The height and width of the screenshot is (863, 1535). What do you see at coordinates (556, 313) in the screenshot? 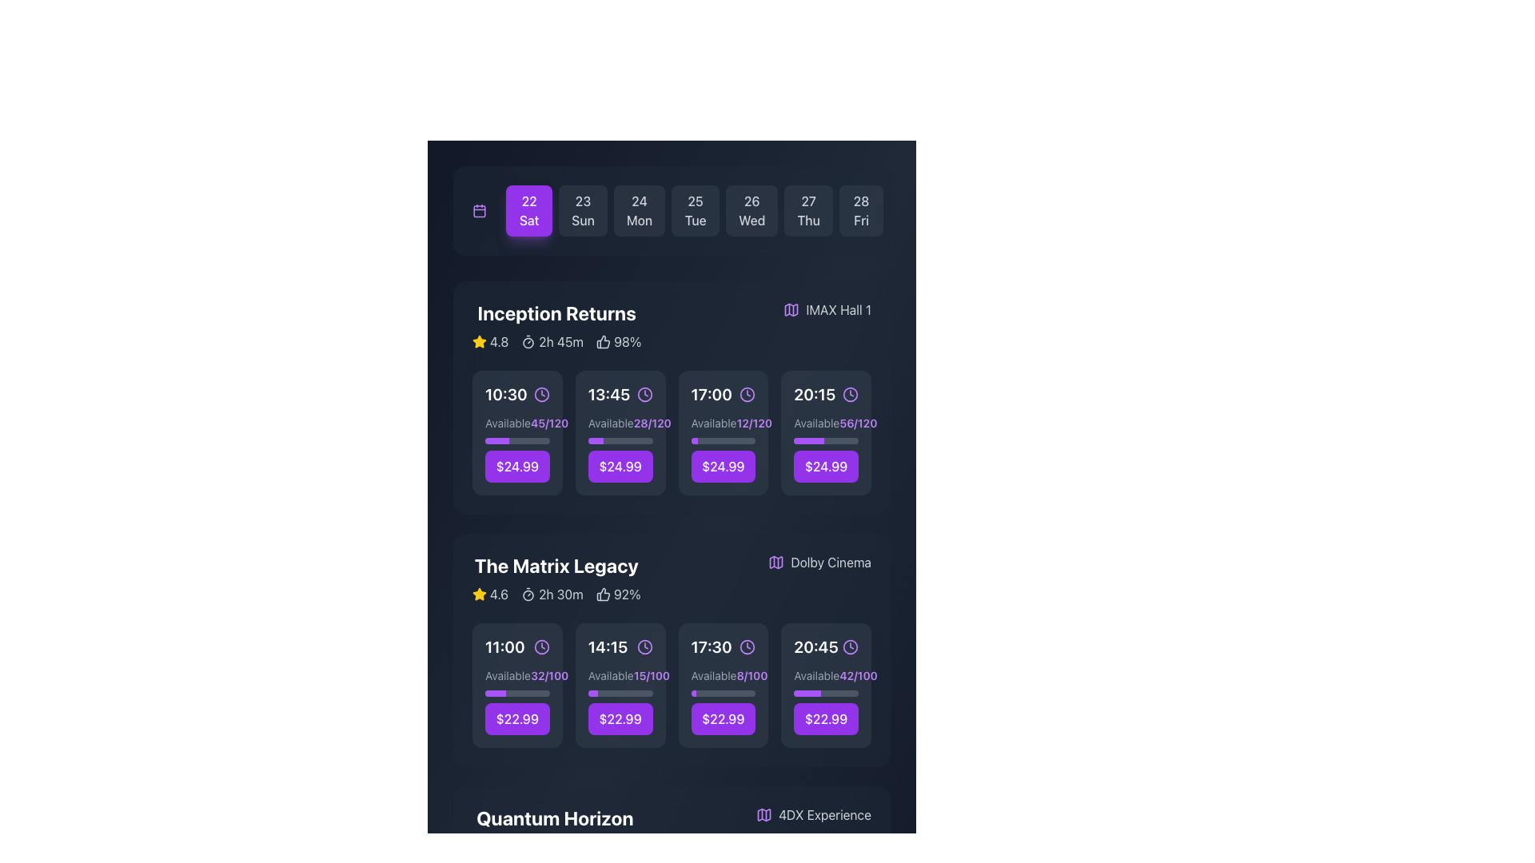
I see `the text content of the title label displaying 'Inception Returns', which is the primary label for the movie's metadata` at bounding box center [556, 313].